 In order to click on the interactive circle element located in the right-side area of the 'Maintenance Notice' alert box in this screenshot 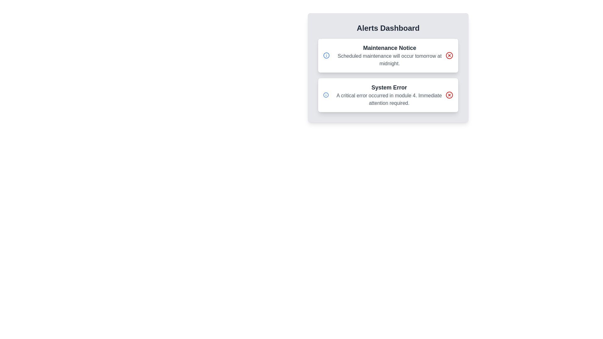, I will do `click(449, 55)`.